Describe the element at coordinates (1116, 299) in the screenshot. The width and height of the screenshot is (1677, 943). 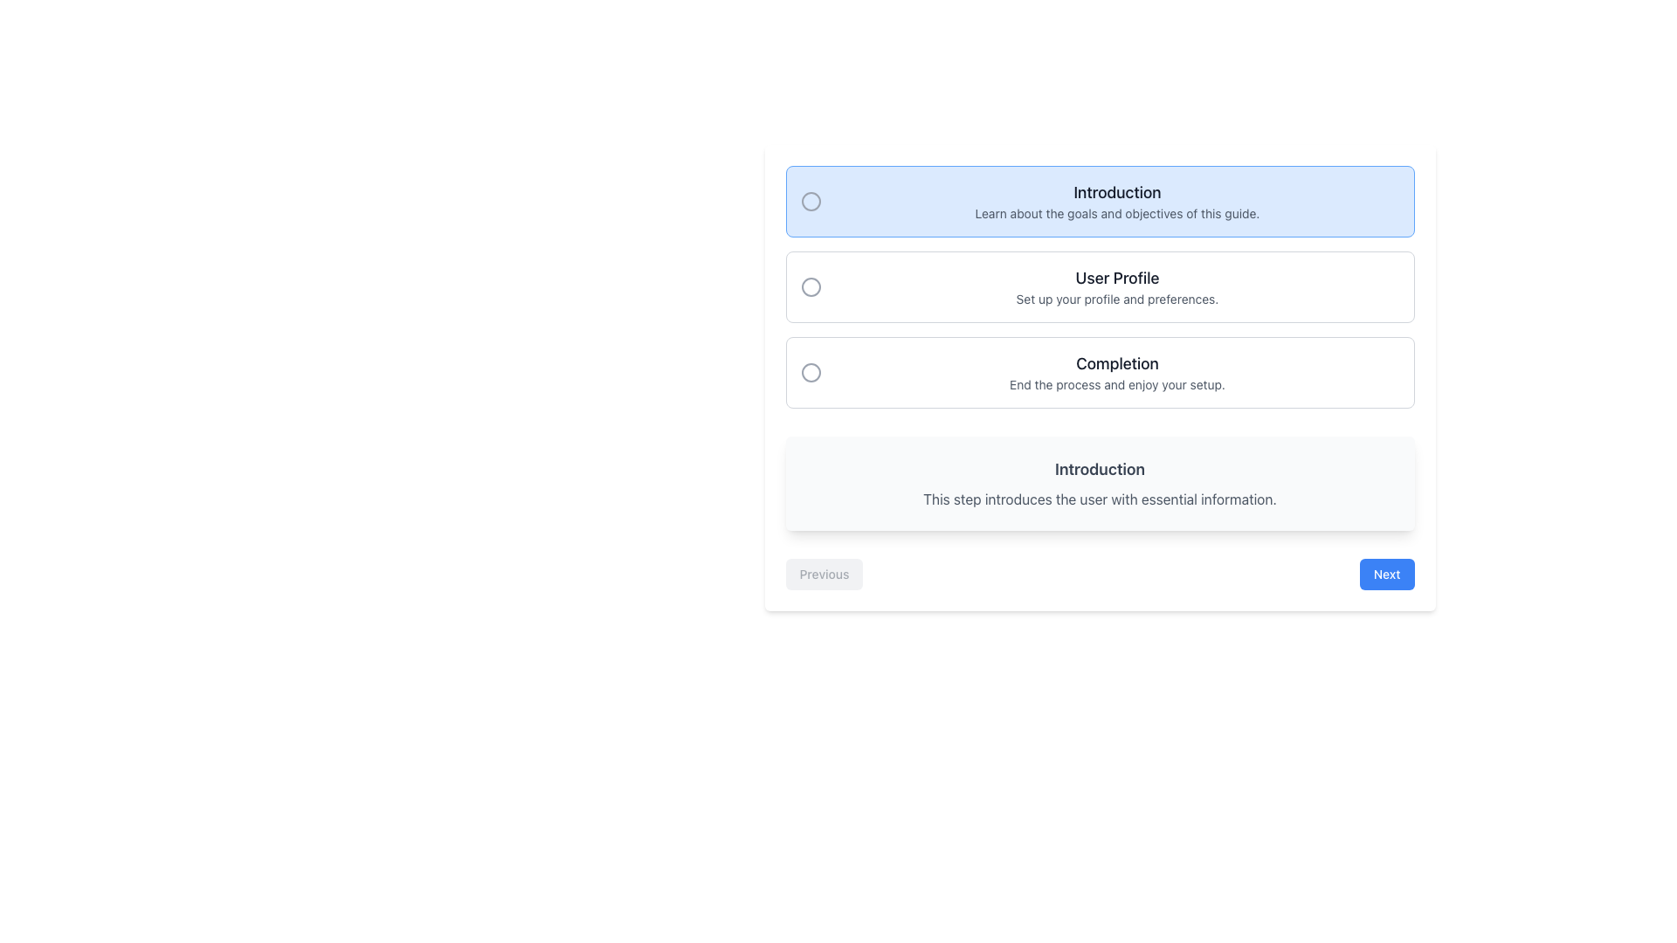
I see `the text label that displays 'Set up your profile and preferences.' which is located beneath the 'User Profile' heading` at that location.